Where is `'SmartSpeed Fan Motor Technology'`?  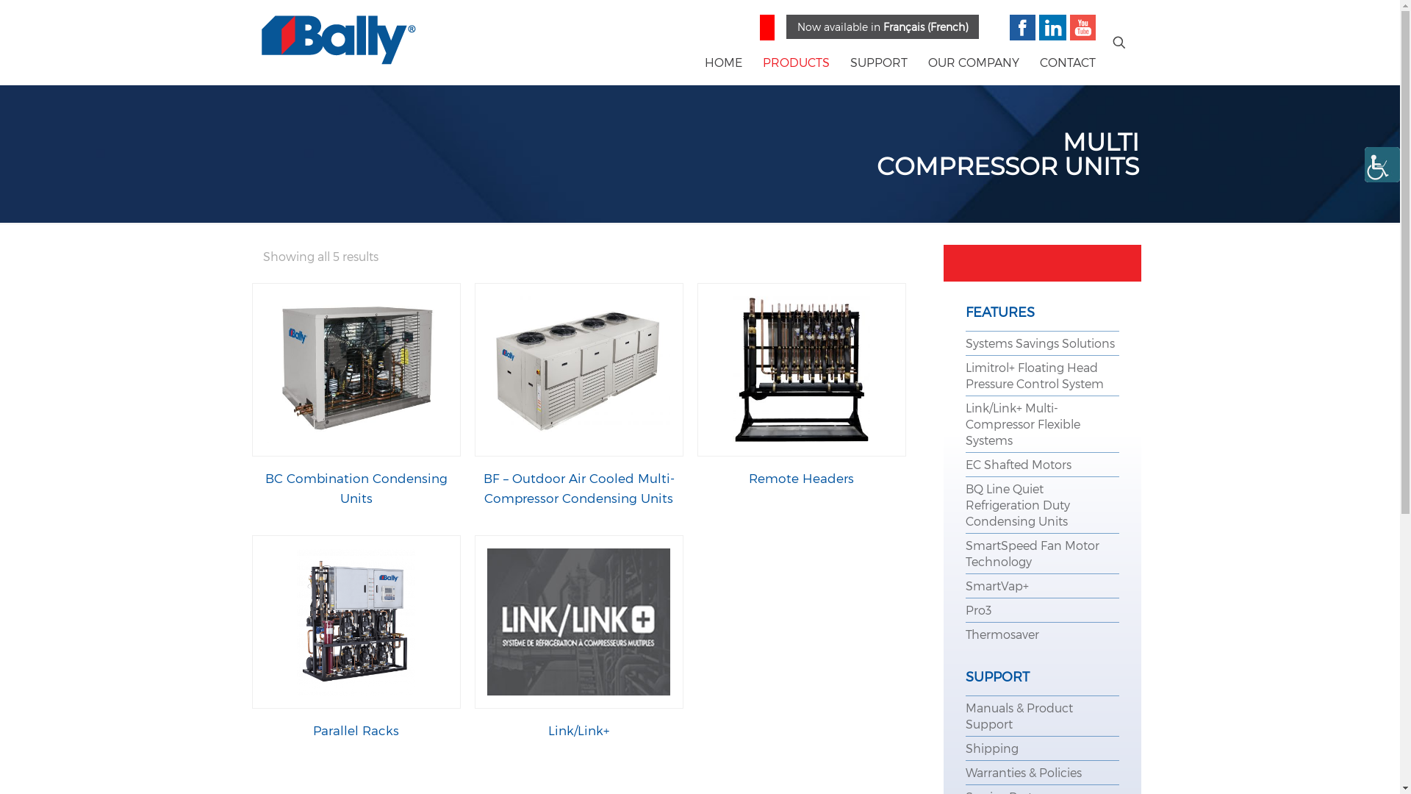 'SmartSpeed Fan Motor Technology' is located at coordinates (1032, 553).